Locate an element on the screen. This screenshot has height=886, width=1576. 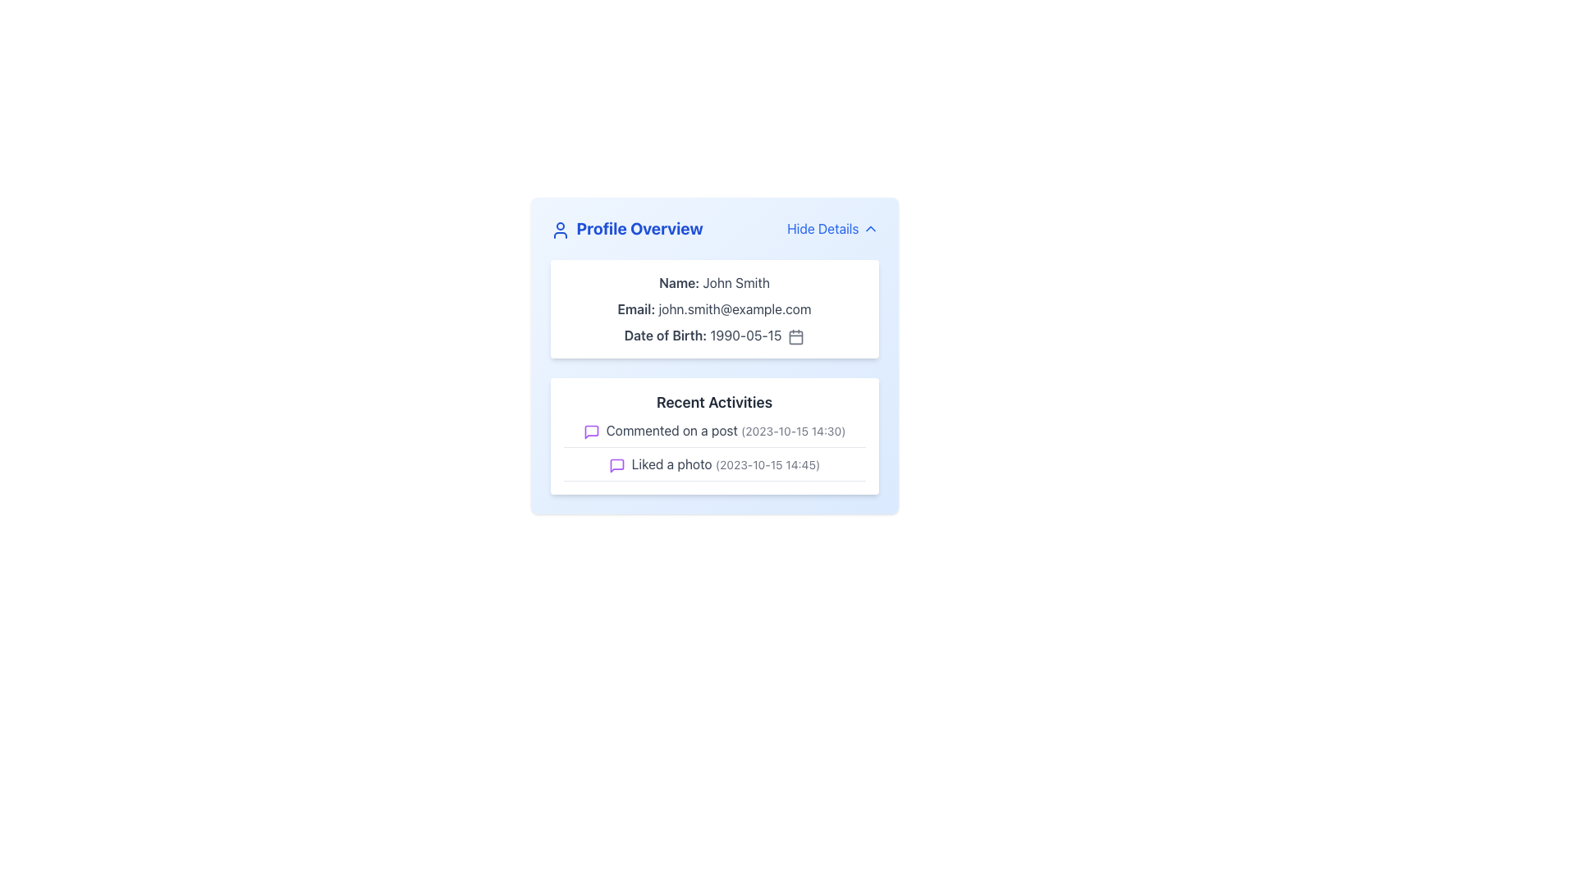
the text label that describes the user's full name, located in the first section of the profile card, positioned to the left of 'John Smith' is located at coordinates (679, 281).